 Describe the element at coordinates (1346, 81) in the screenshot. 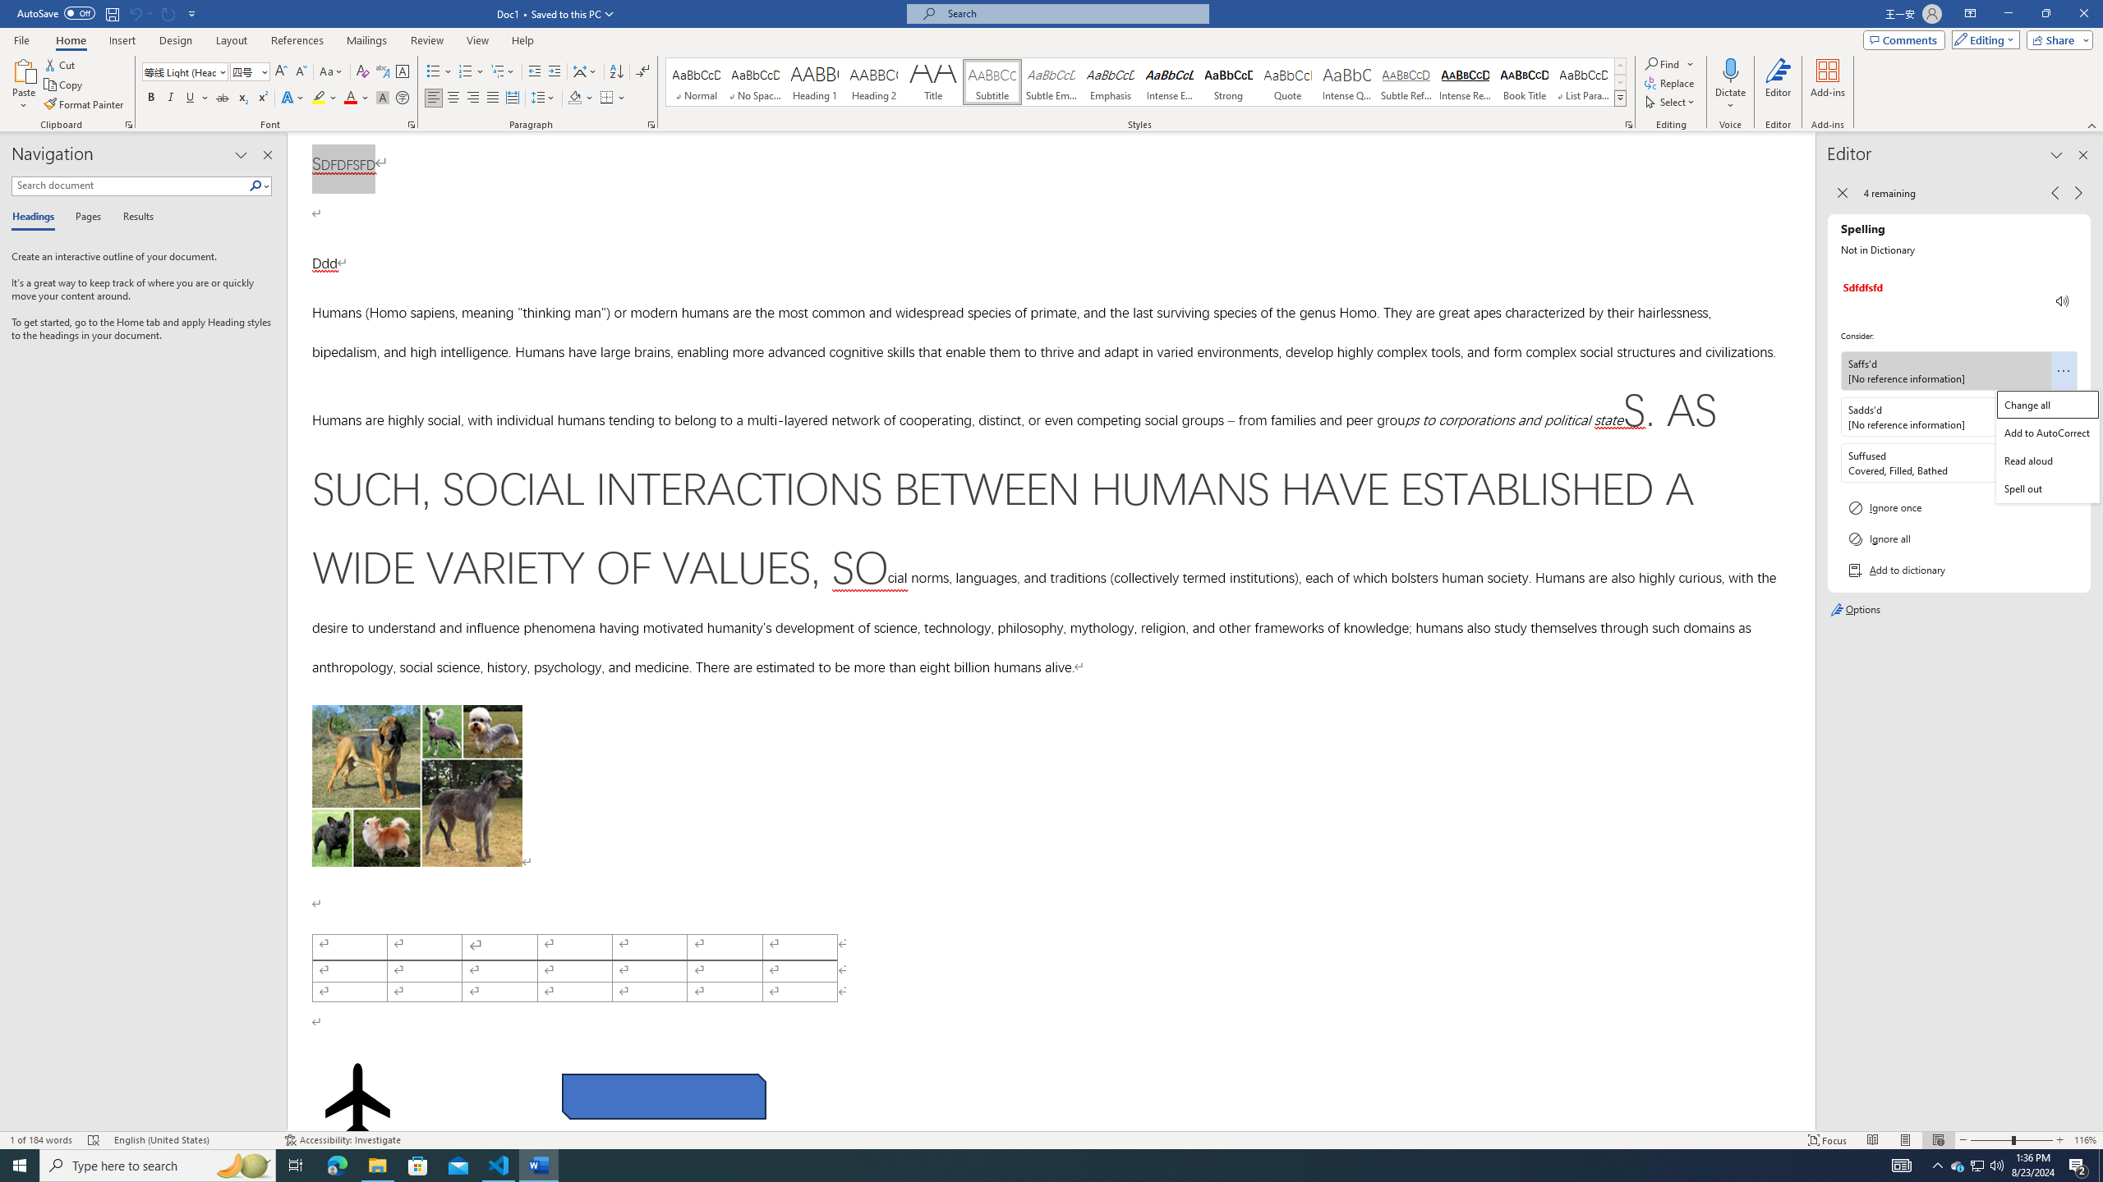

I see `'Intense Quote'` at that location.